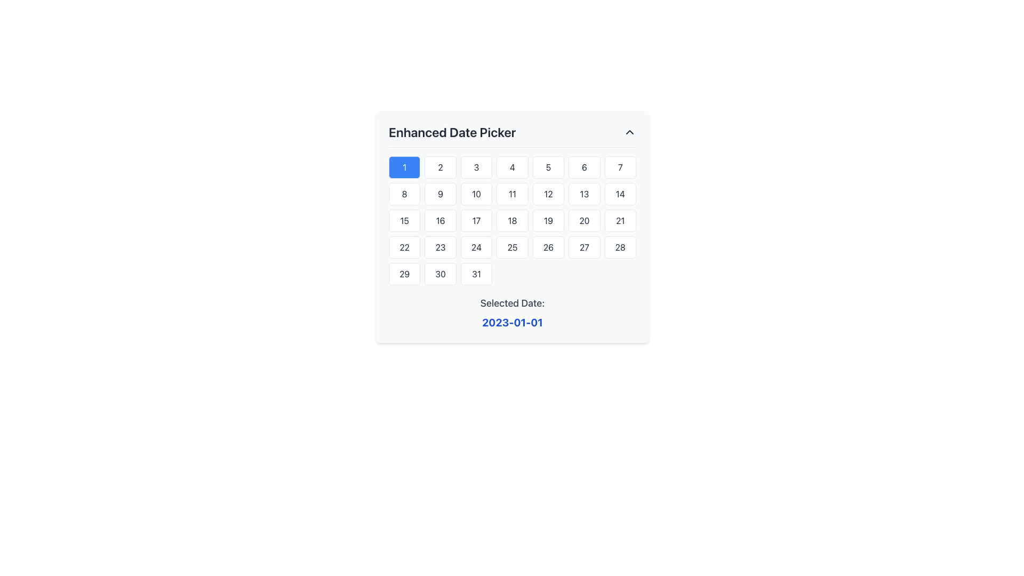  I want to click on the button labeled '18' located in the third row and fourth column of the date picker within the 'Enhanced Date Picker' modal, so click(512, 220).